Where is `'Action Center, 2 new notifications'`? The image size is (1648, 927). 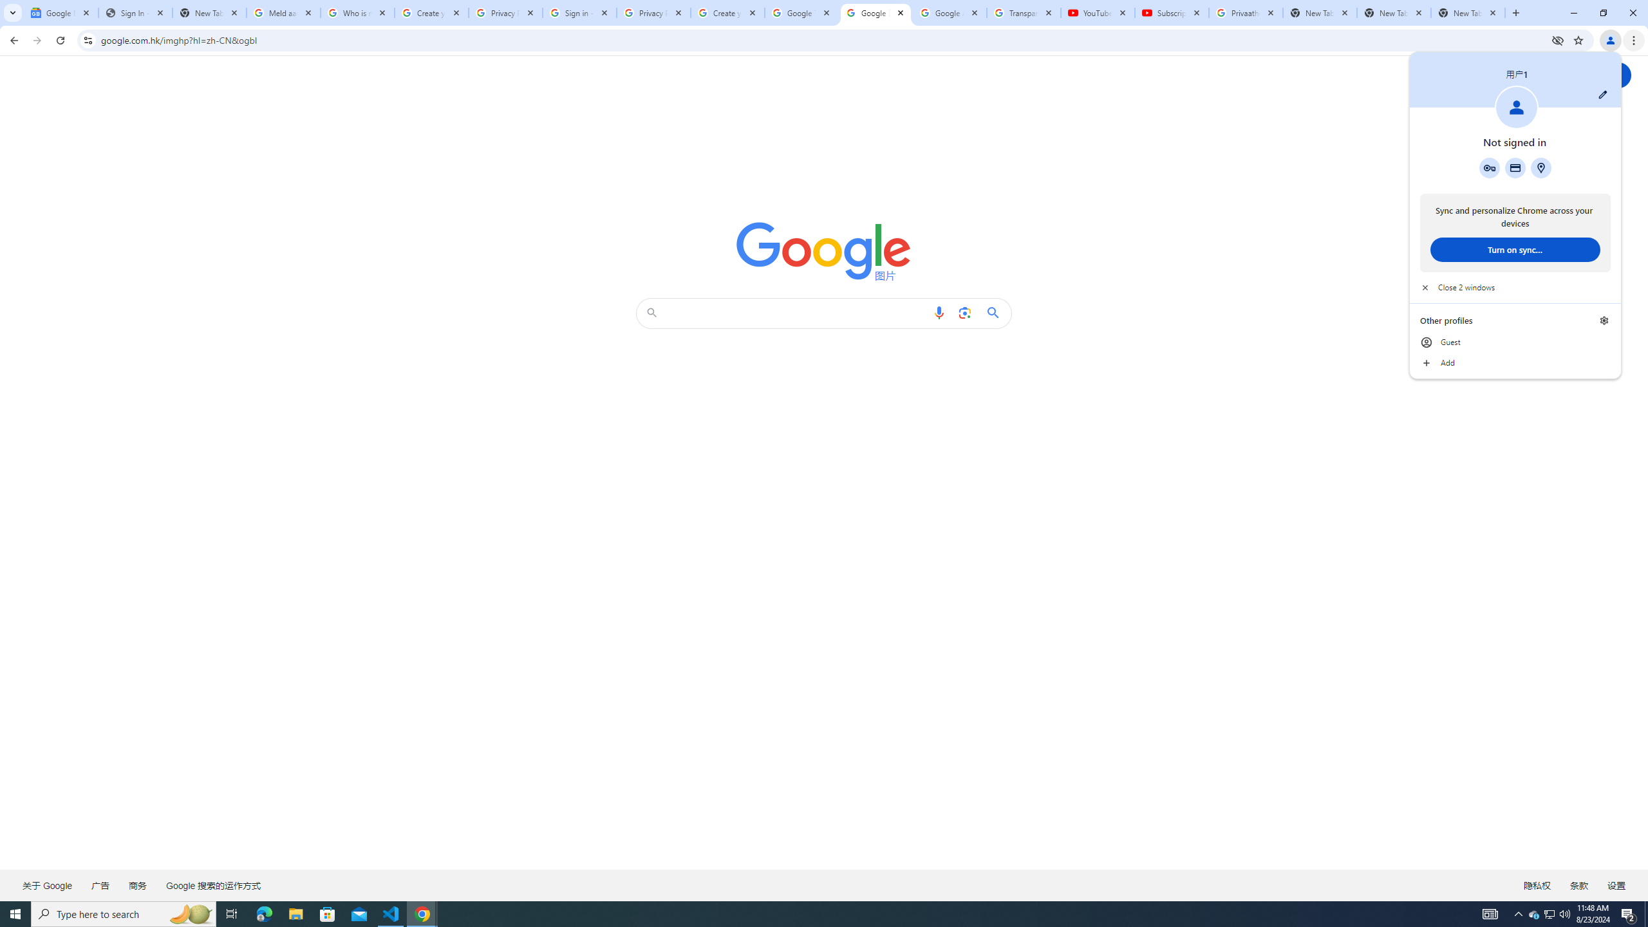 'Action Center, 2 new notifications' is located at coordinates (1629, 913).